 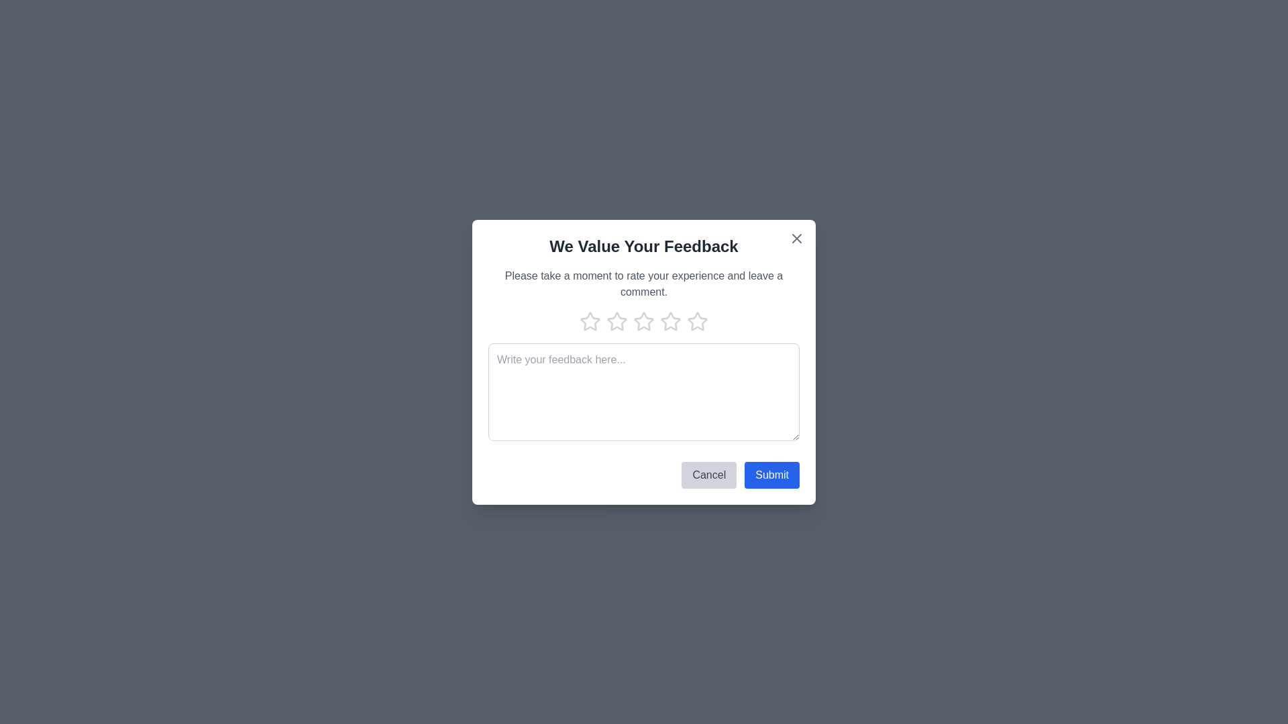 I want to click on the 'Cancel' button with a gray background and rounded corners located, so click(x=708, y=474).